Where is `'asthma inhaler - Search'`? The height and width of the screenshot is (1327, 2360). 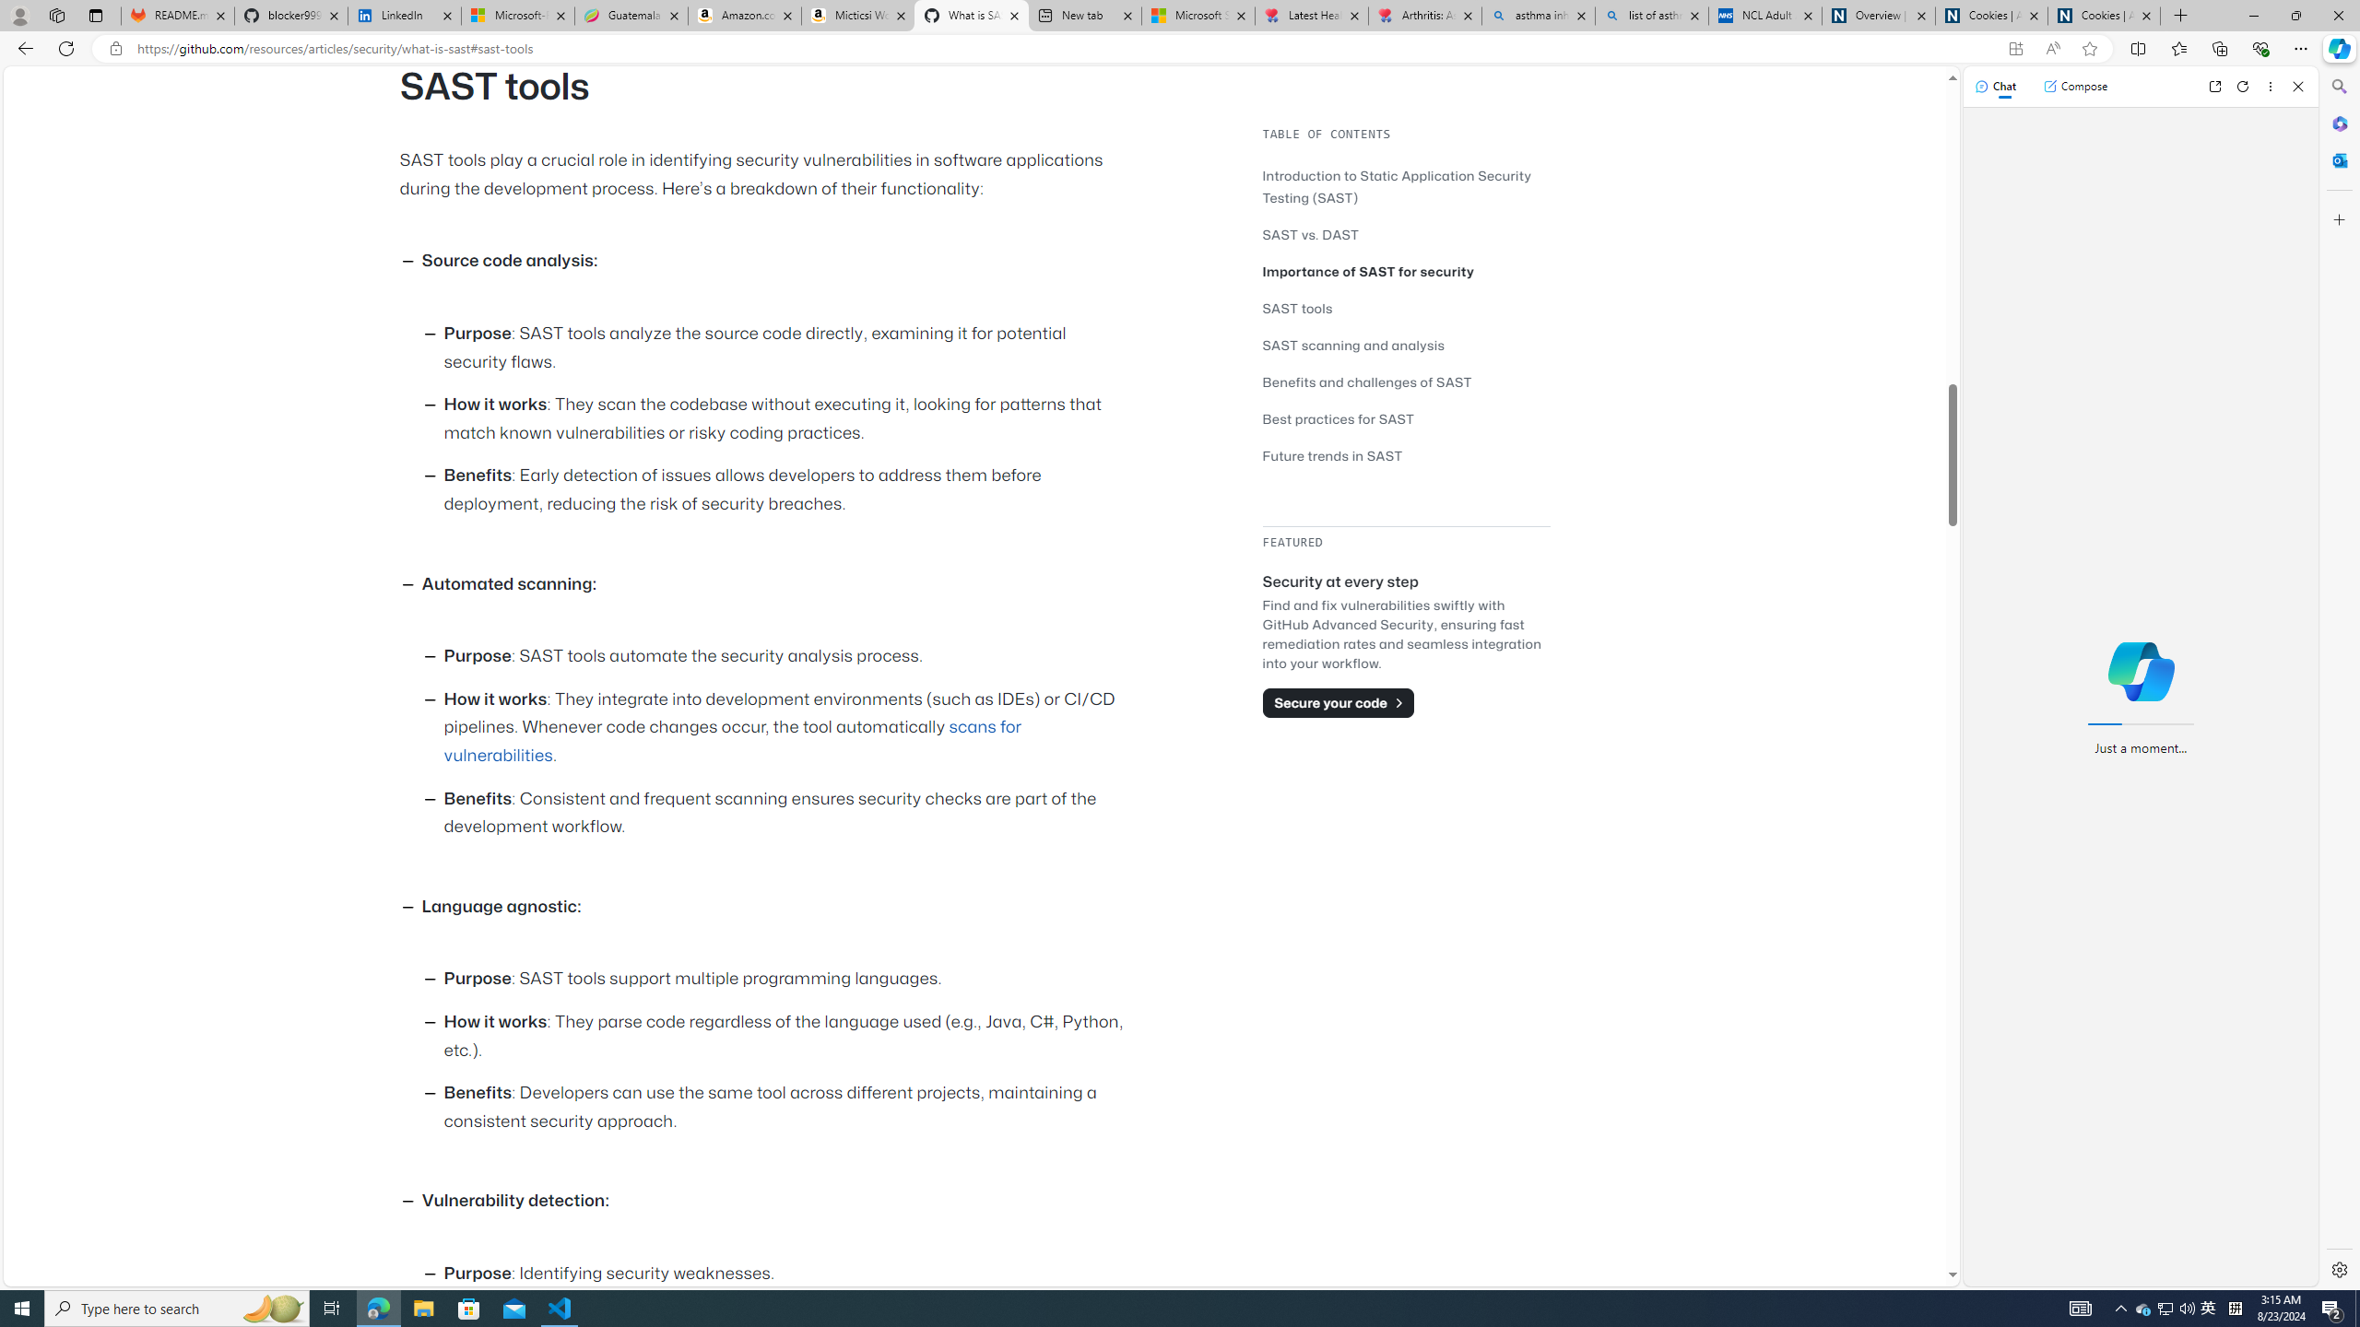 'asthma inhaler - Search' is located at coordinates (1538, 15).